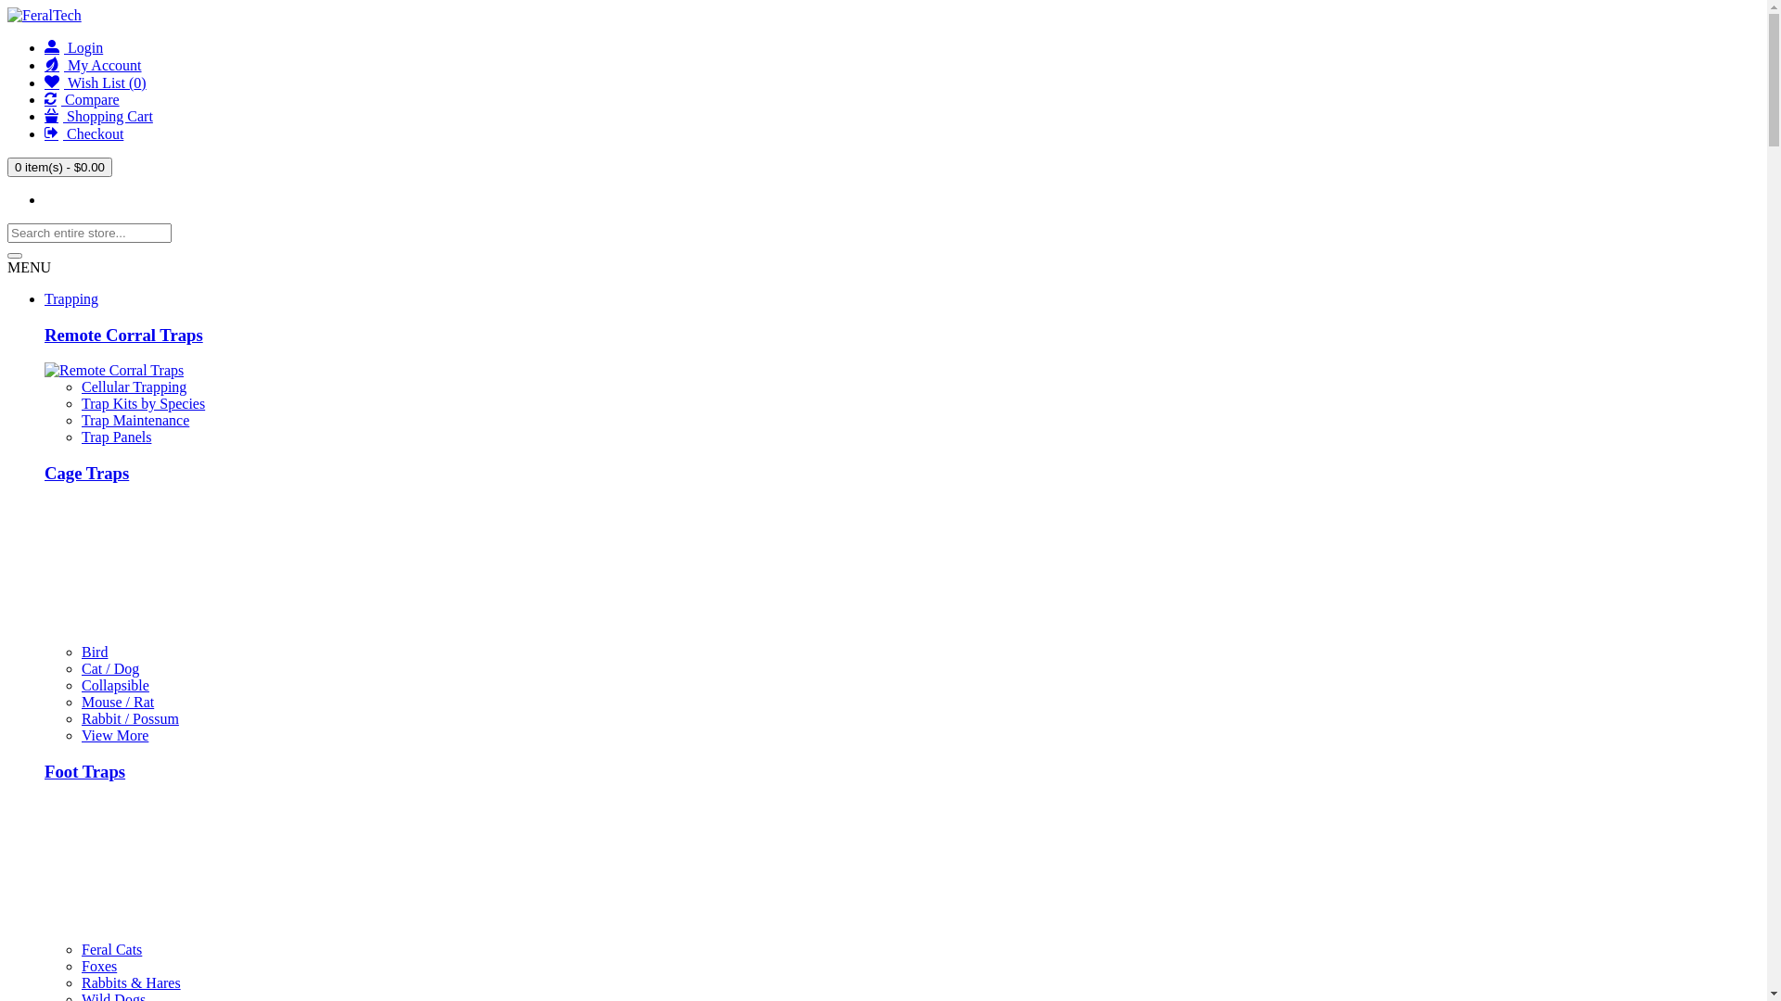  I want to click on 'Cellular Trapping', so click(80, 386).